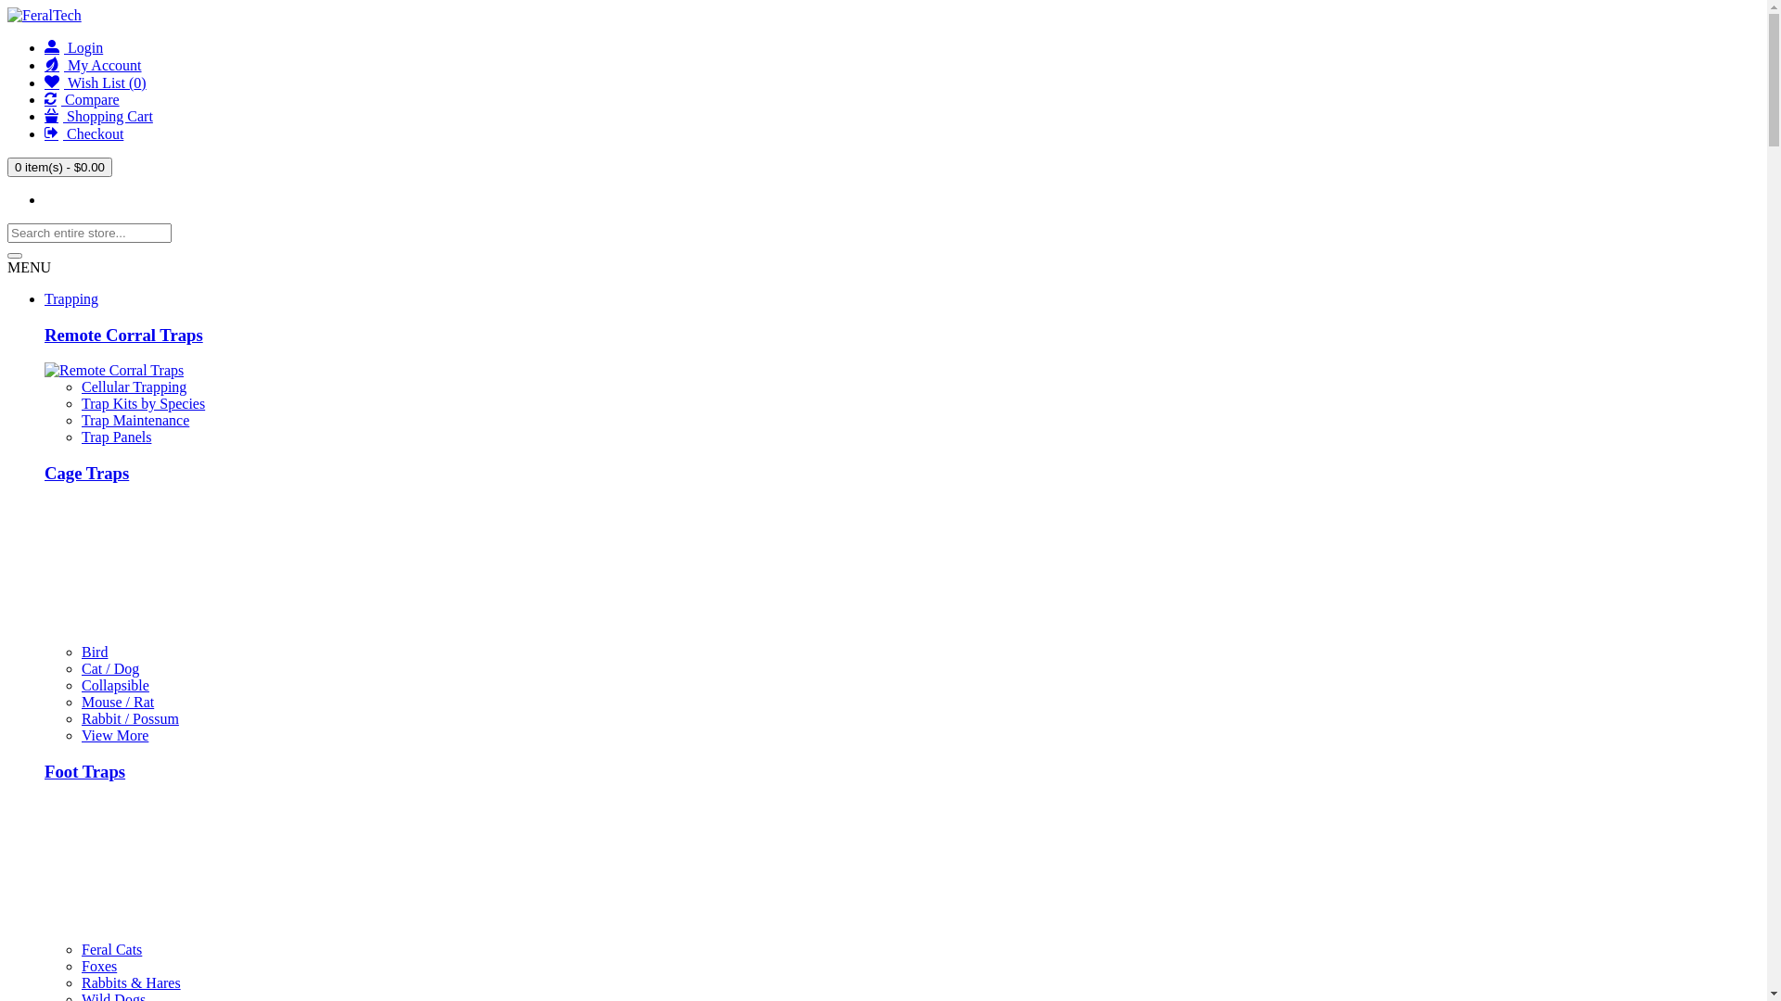  I want to click on 'Cellular Trapping', so click(80, 386).